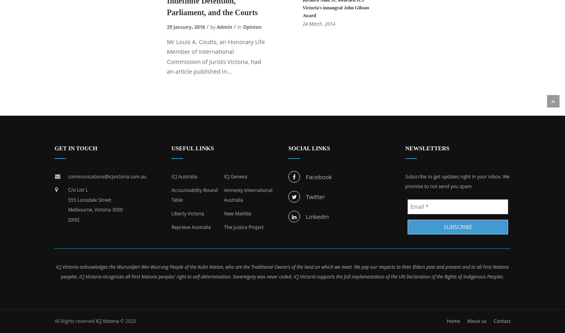 Image resolution: width=565 pixels, height=333 pixels. I want to click on '555 Lonsdale Street', so click(89, 199).